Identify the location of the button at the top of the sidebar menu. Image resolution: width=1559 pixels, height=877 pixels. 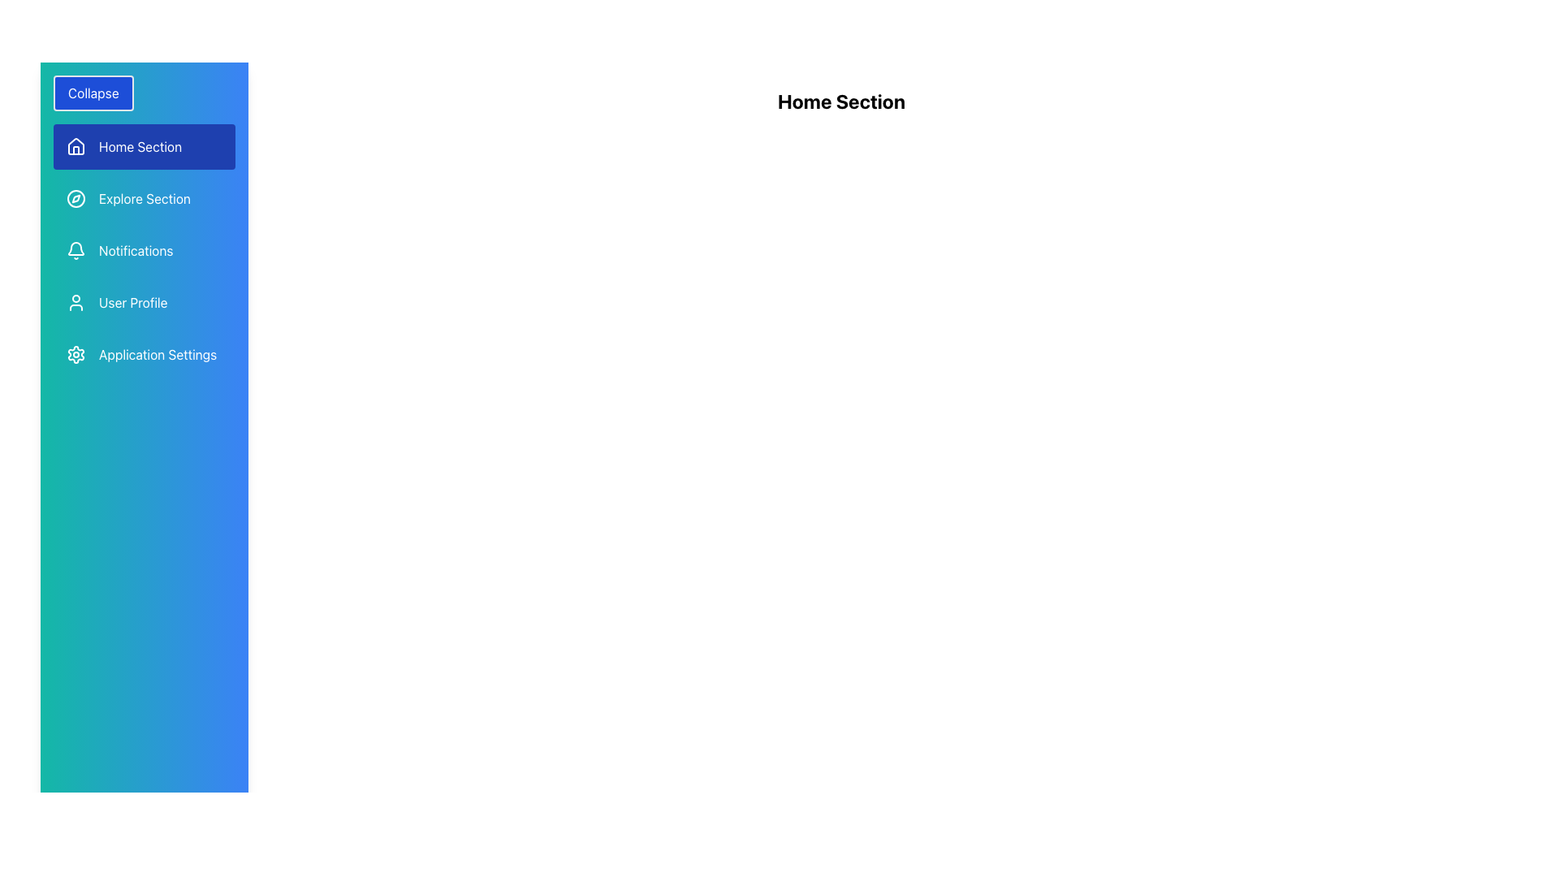
(93, 93).